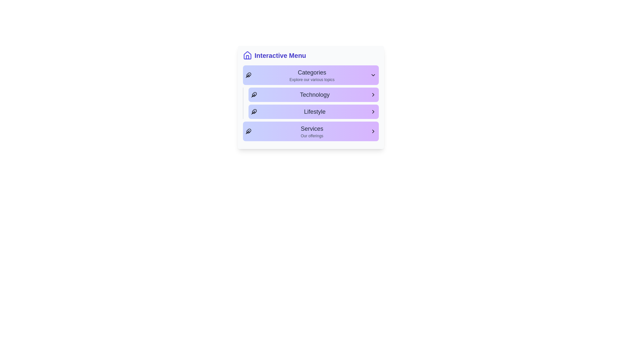 The width and height of the screenshot is (627, 353). Describe the element at coordinates (373, 131) in the screenshot. I see `the Chevron icon at the right end of the 'Services - Our offerings' menu` at that location.